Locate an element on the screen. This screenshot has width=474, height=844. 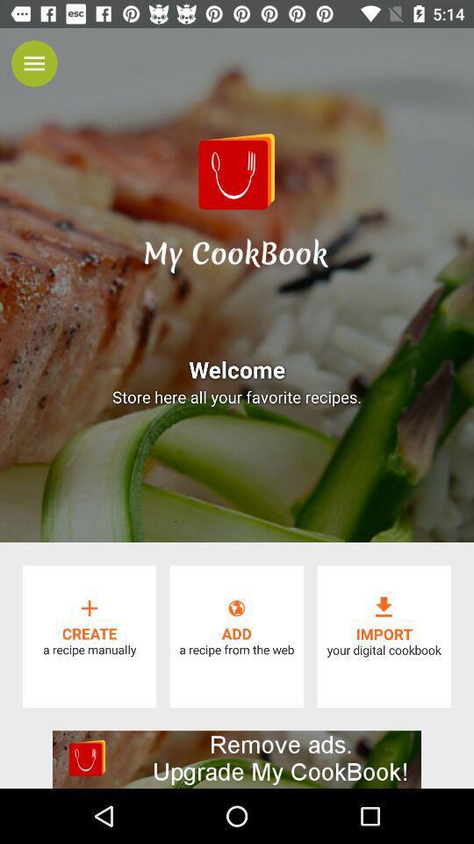
adverdisment is located at coordinates (237, 759).